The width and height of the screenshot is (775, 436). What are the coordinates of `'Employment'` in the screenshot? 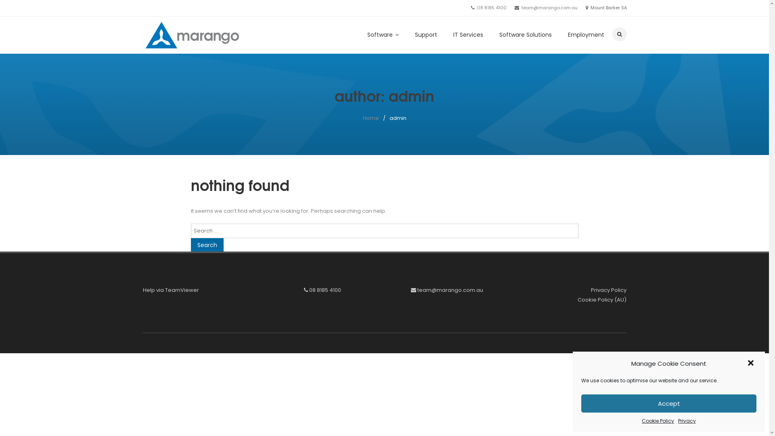 It's located at (585, 34).